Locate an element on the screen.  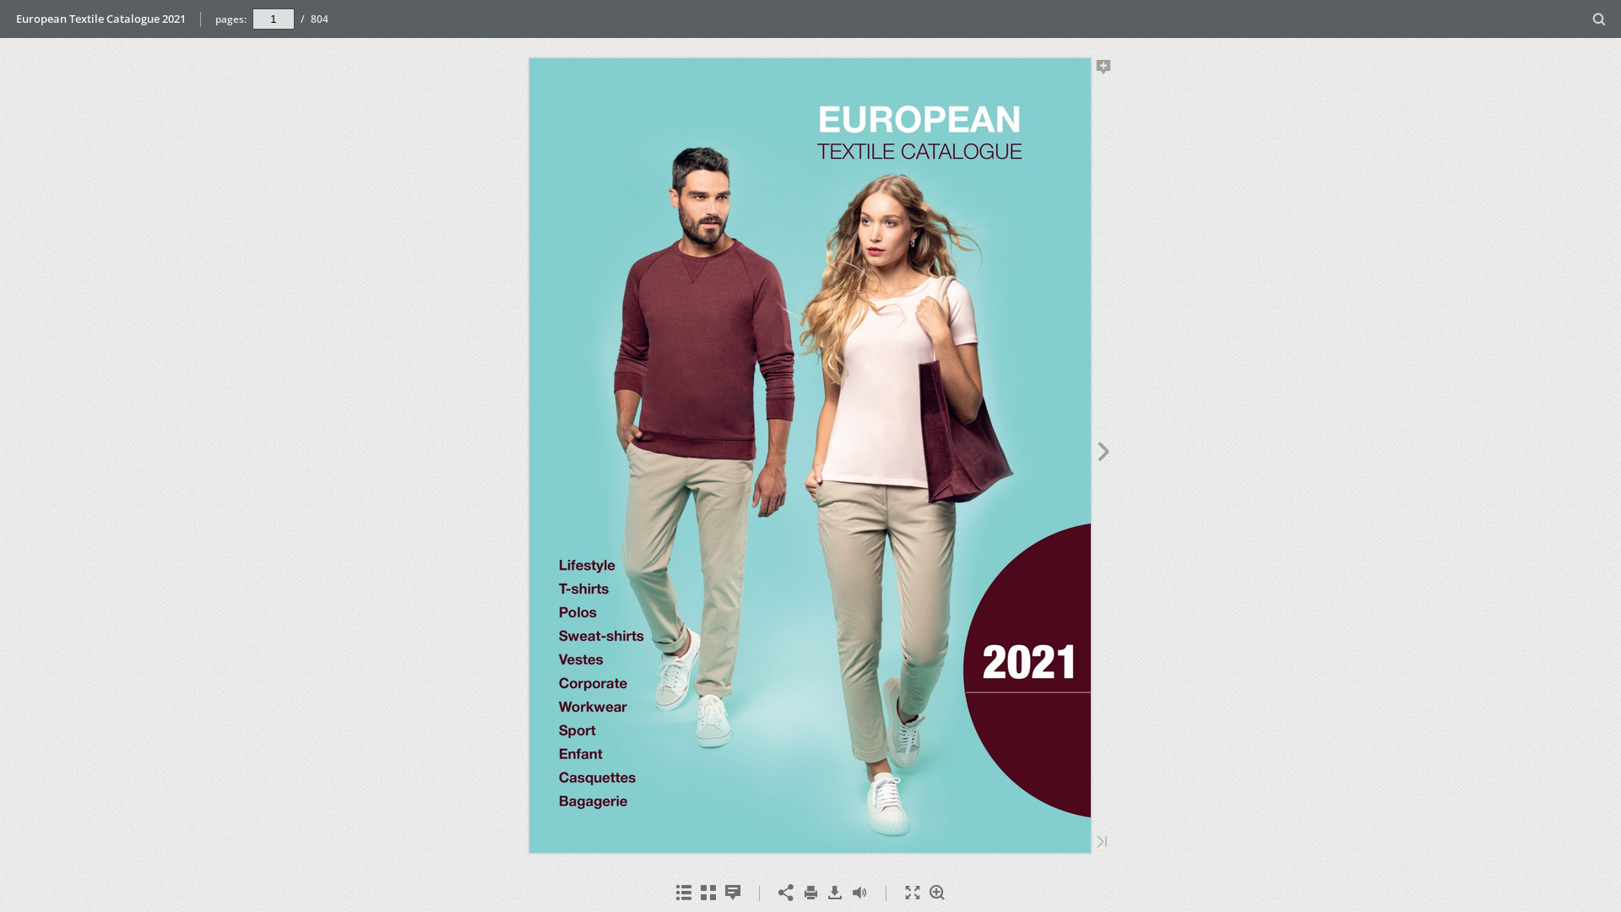
'Next Page' is located at coordinates (1103, 453).